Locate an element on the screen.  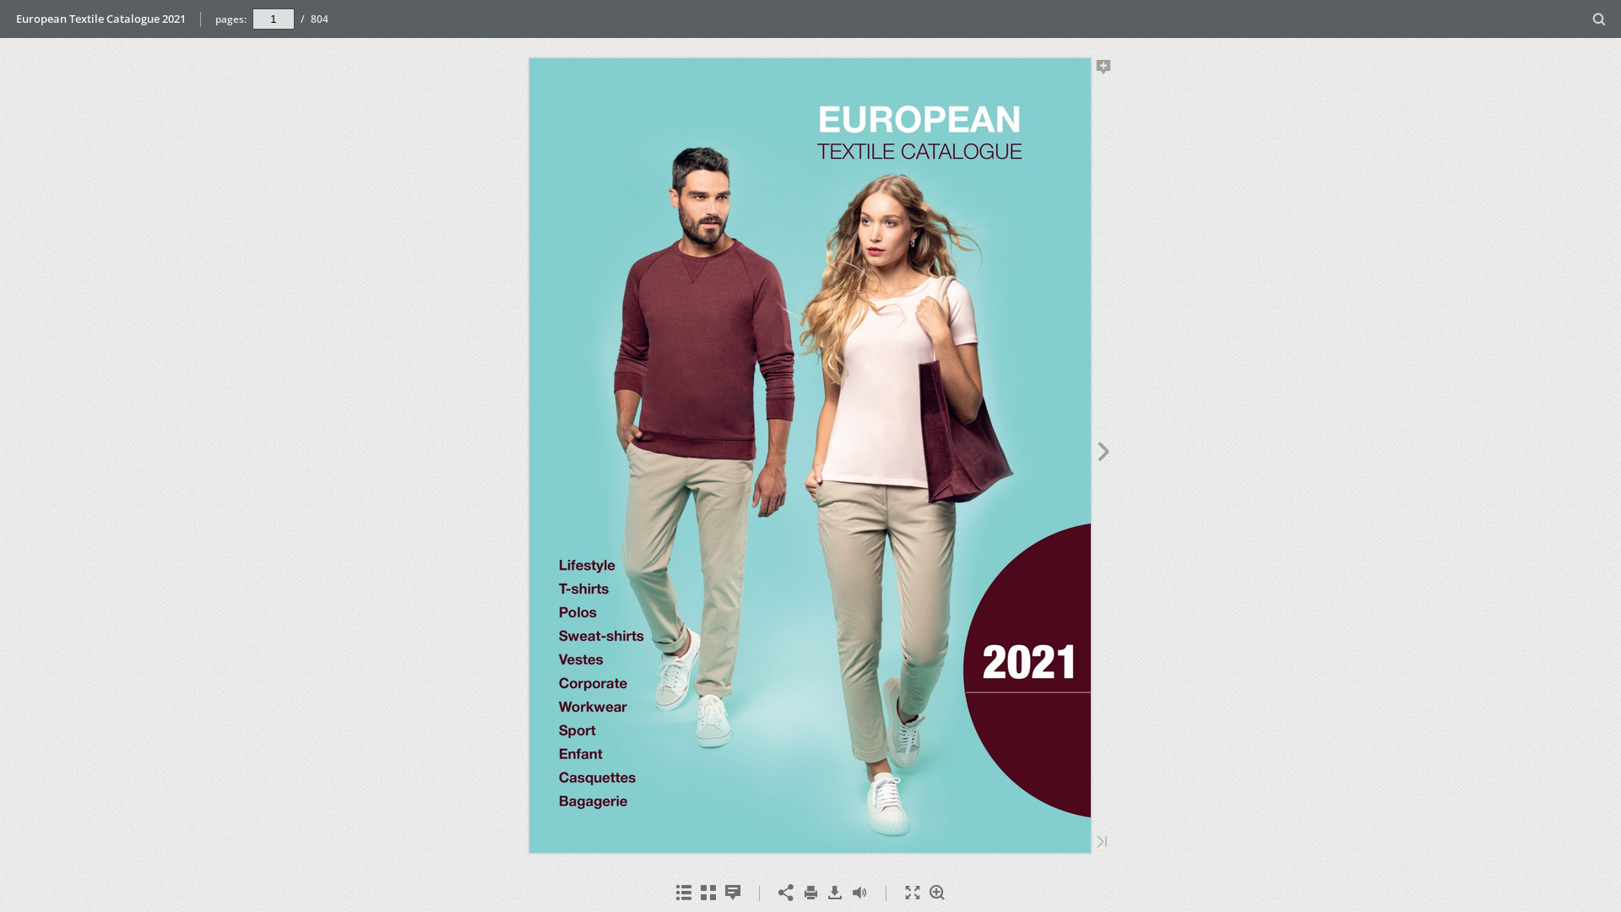
'Next Page' is located at coordinates (1103, 453).